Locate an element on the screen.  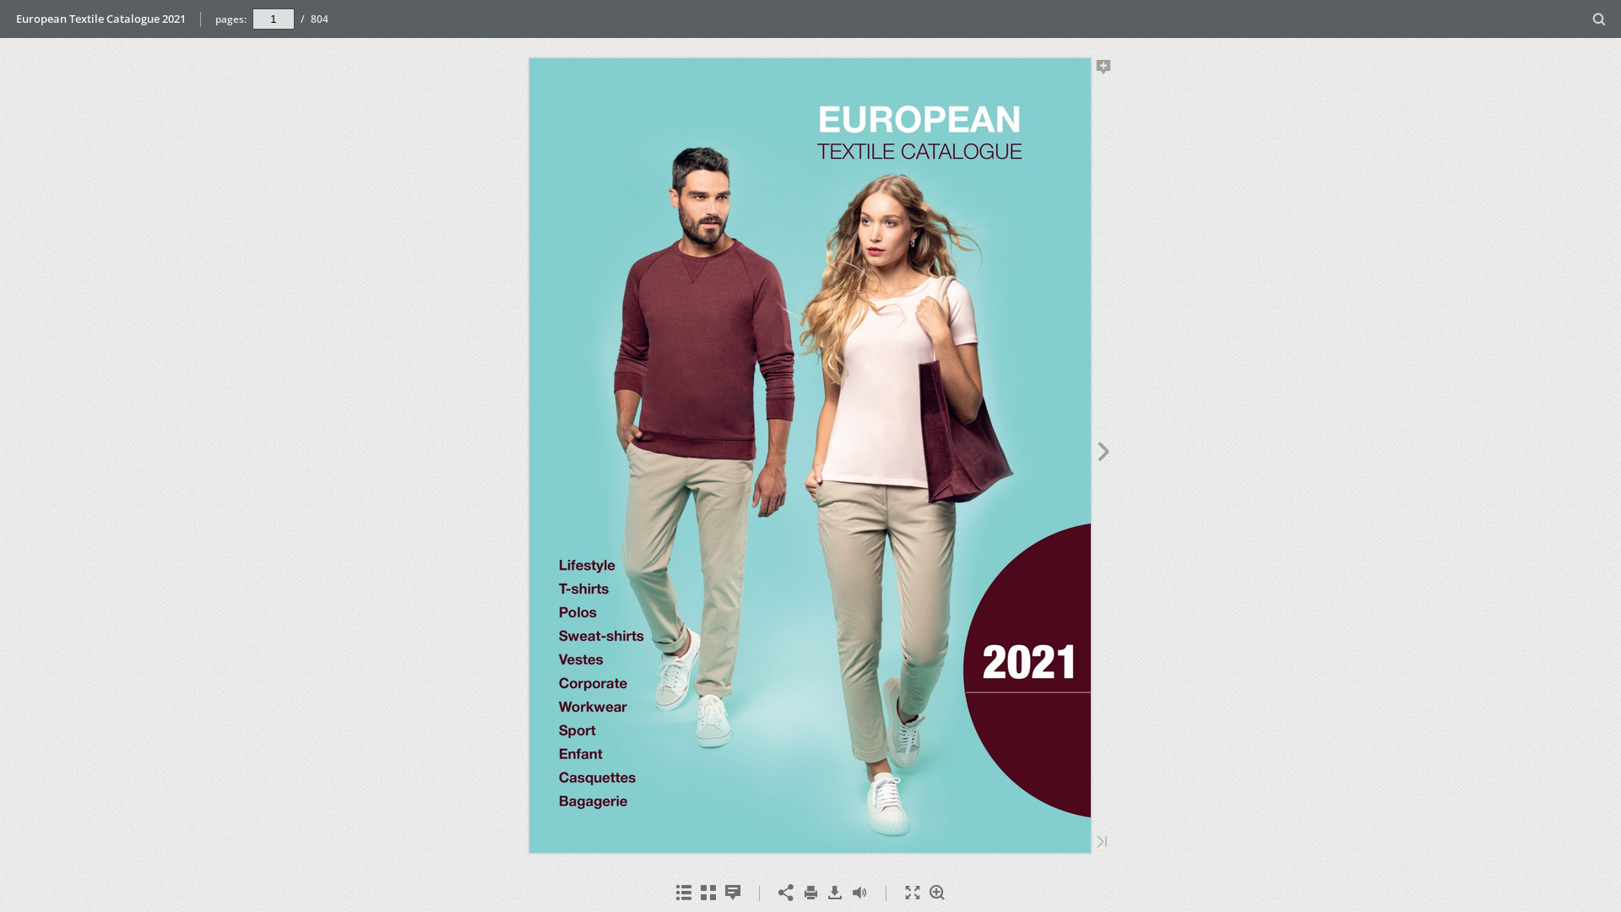
'Next Page' is located at coordinates (1103, 453).